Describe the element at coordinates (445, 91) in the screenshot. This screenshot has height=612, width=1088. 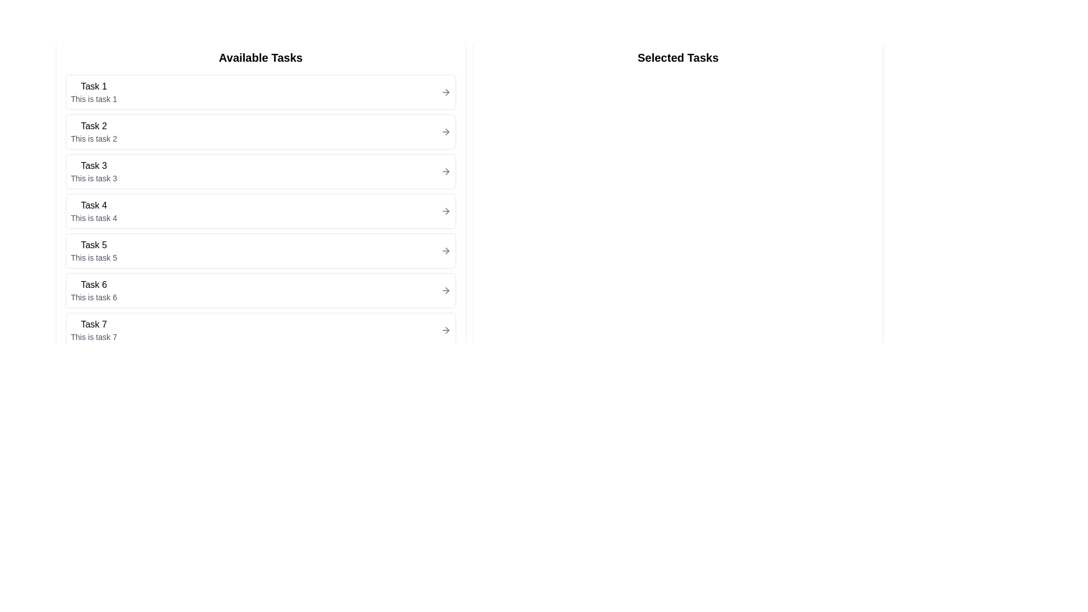
I see `the small right-oriented arrow icon button styled in gray, located on the far-right side of the 'Task 1' card to trigger a styling change` at that location.